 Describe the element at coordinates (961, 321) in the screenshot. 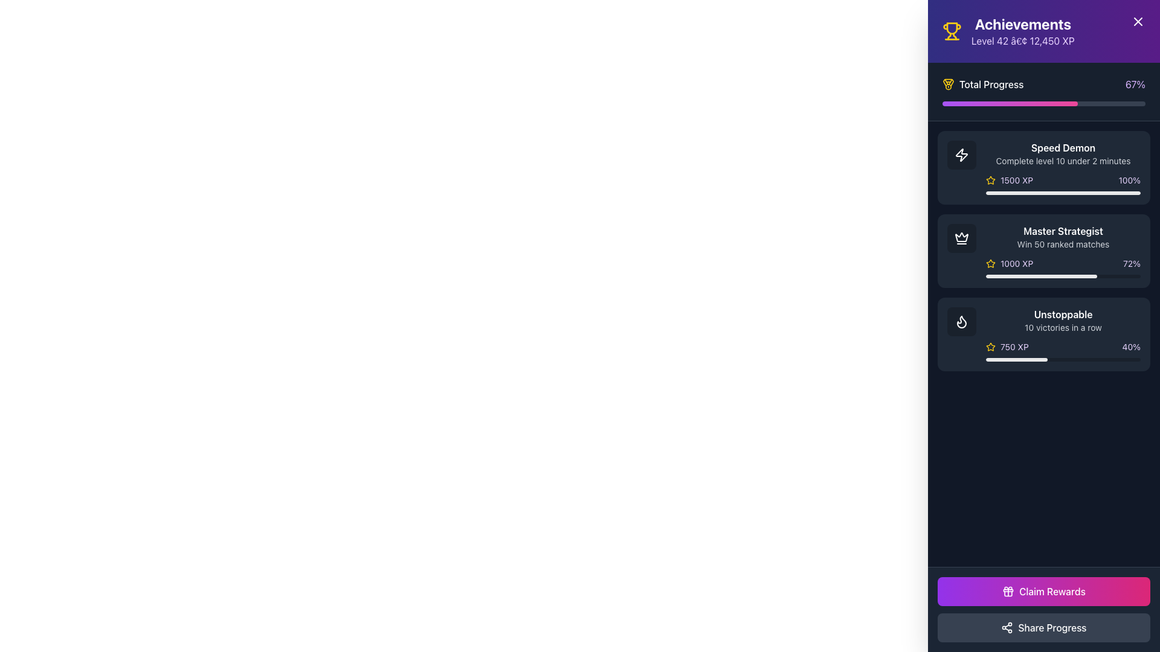

I see `the decorative icon representing the 'Unstoppable' achievement located at the left side of the achievement card, above the text '10 victories in a row'` at that location.